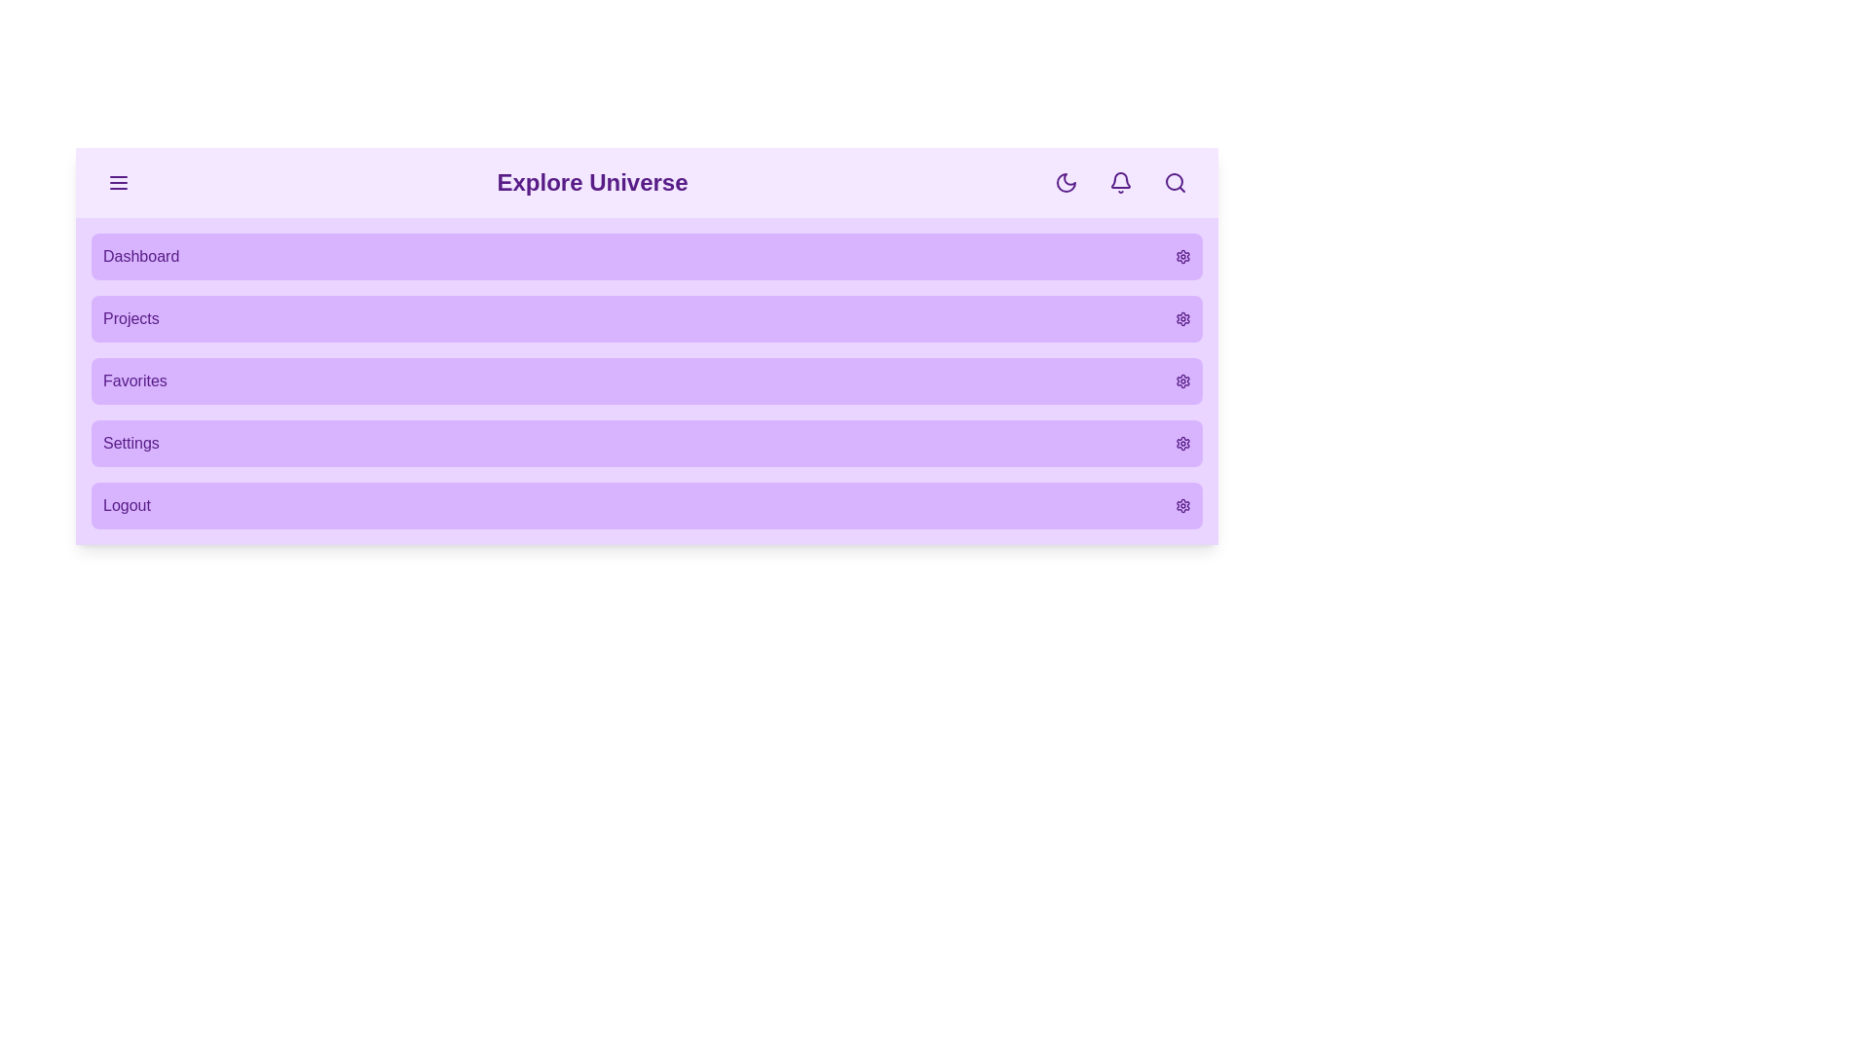  I want to click on the search icon in the top right corner of the app bar, so click(1174, 183).